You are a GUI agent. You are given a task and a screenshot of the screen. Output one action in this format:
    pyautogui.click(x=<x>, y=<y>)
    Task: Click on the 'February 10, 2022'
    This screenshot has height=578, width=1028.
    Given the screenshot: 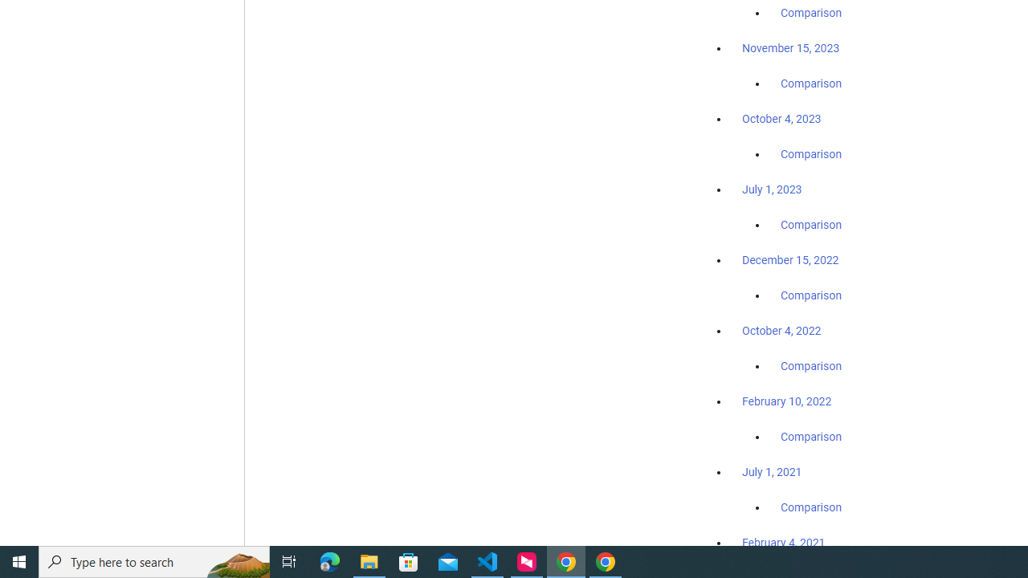 What is the action you would take?
    pyautogui.click(x=786, y=401)
    